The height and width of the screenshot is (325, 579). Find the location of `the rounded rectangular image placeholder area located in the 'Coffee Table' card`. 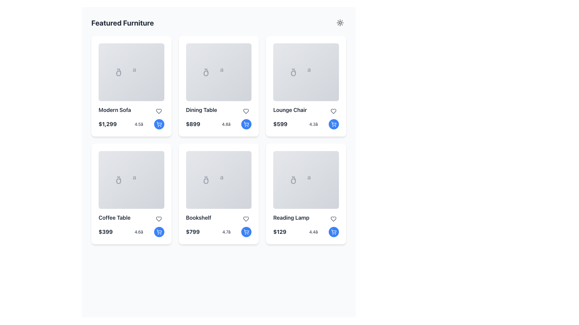

the rounded rectangular image placeholder area located in the 'Coffee Table' card is located at coordinates (131, 179).